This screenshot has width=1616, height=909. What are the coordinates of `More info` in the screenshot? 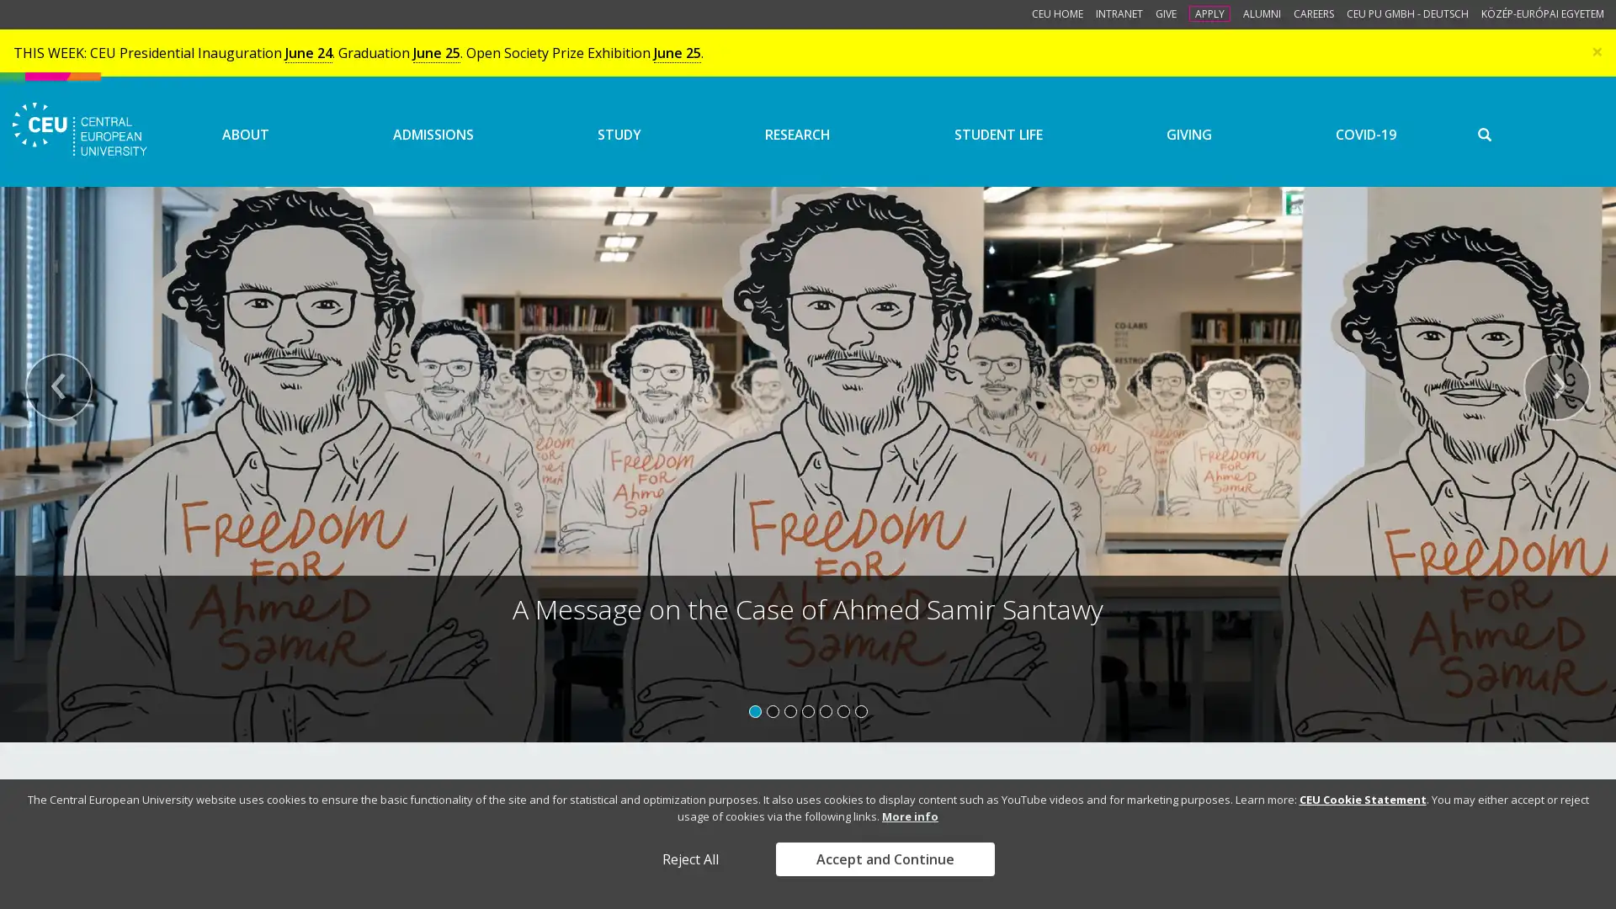 It's located at (909, 815).